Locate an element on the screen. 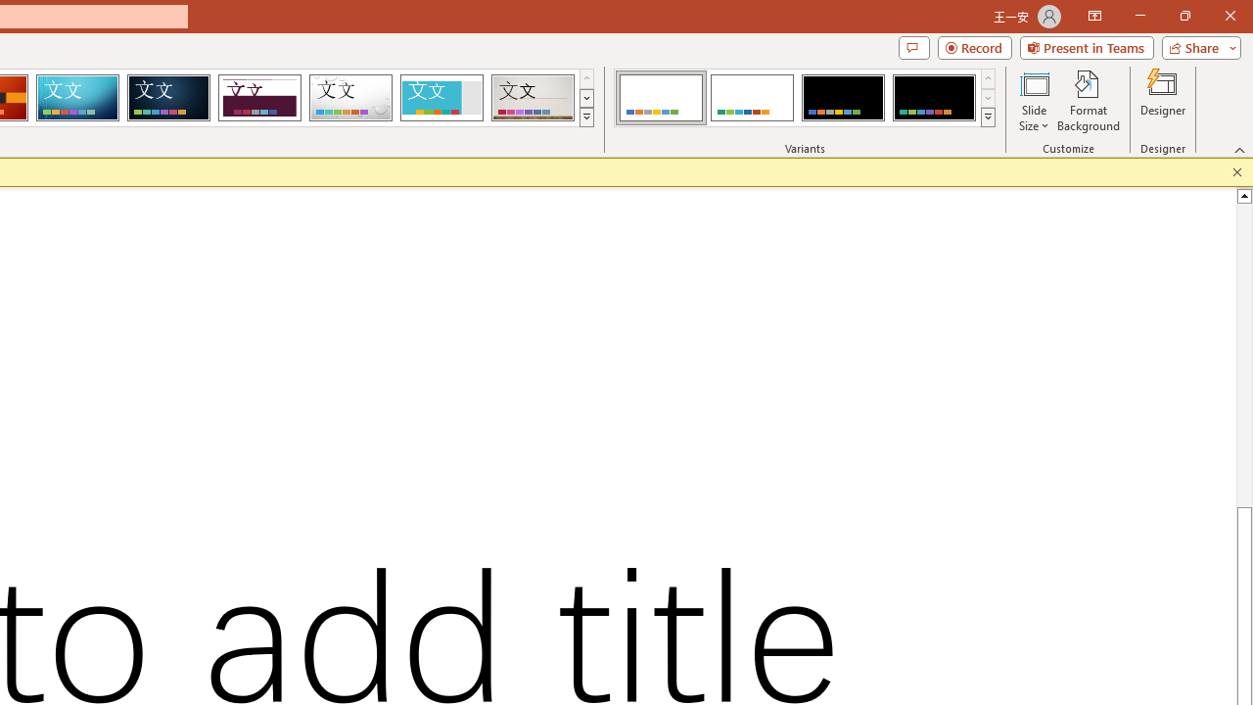  'Office Theme Variant 4' is located at coordinates (933, 98).